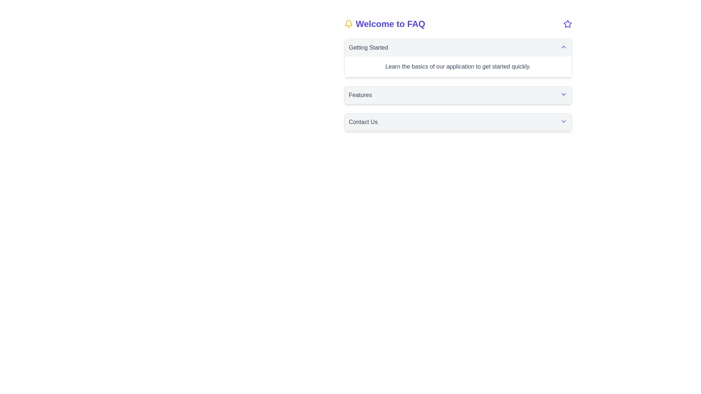  I want to click on the downward-pointing chevron icon with indigo blue stroke located at the right end of the 'Features' bar, so click(563, 94).